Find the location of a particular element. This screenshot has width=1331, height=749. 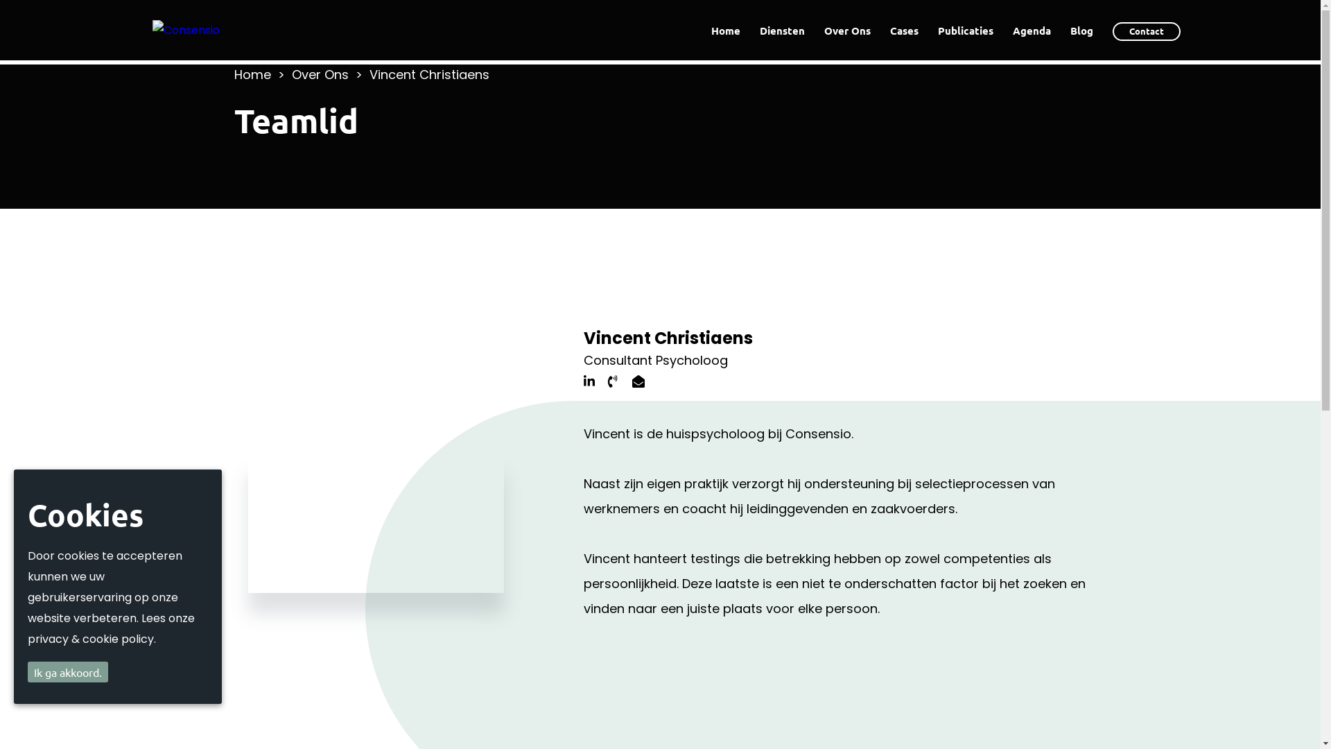

'Ik ga akkoord.' is located at coordinates (67, 671).